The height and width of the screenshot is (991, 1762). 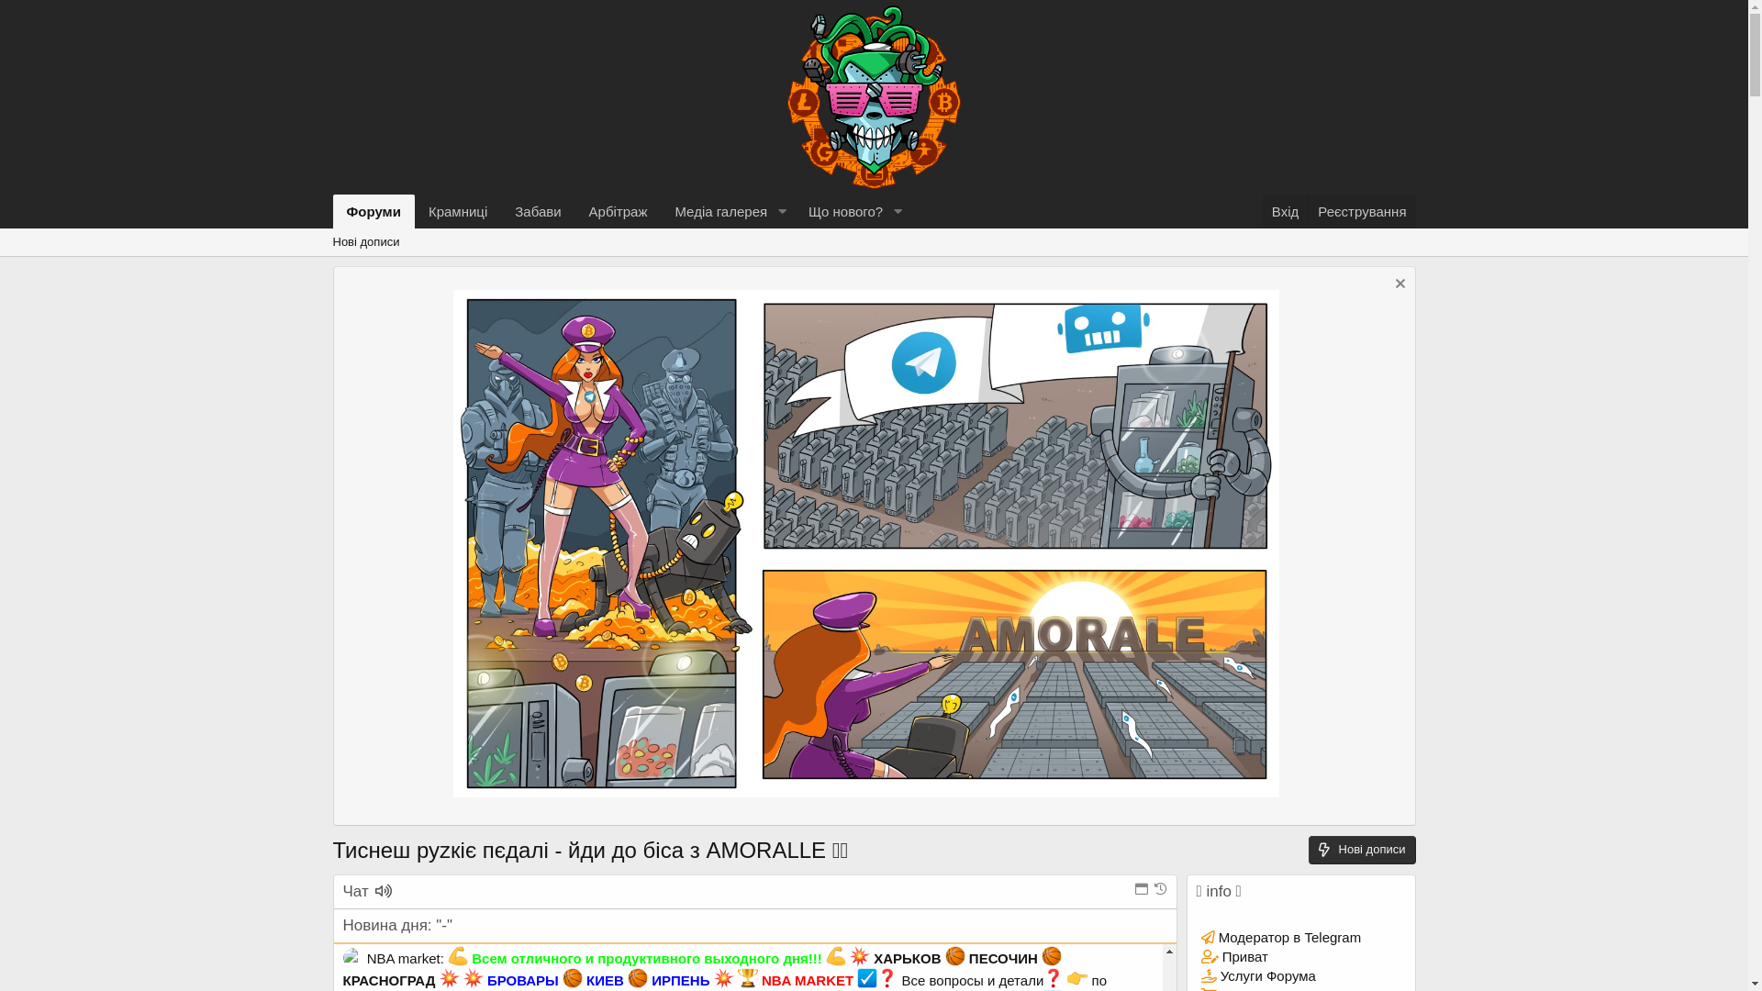 I want to click on 'Question mark    :question:', so click(x=887, y=976).